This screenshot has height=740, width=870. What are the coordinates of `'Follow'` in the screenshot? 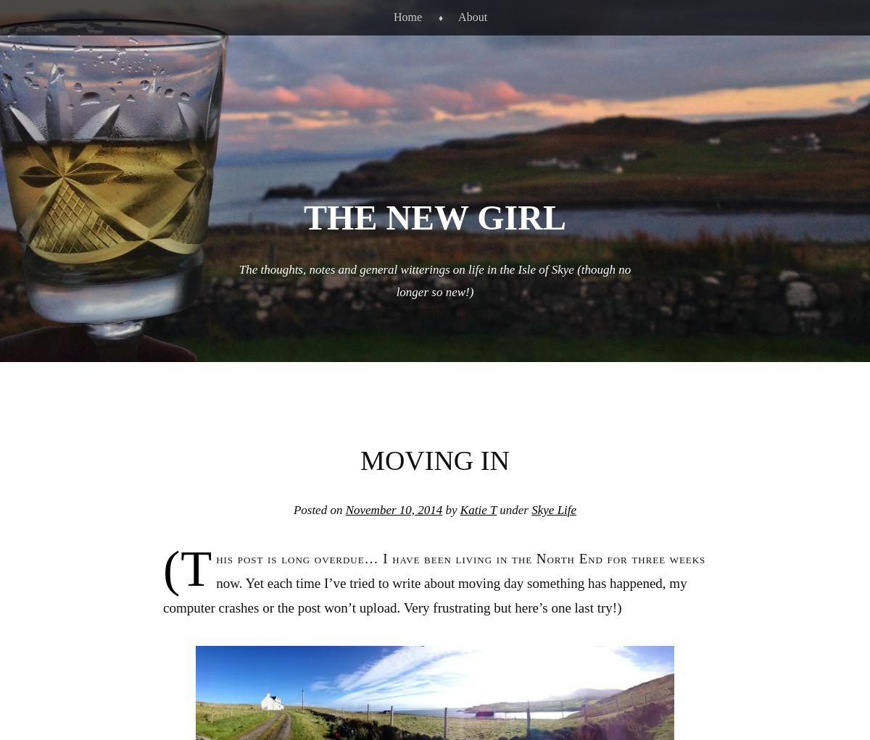 It's located at (810, 703).